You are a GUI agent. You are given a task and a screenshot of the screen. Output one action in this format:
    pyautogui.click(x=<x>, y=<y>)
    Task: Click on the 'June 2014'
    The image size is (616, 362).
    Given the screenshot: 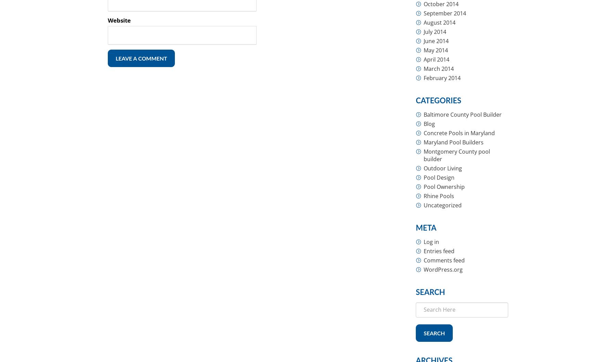 What is the action you would take?
    pyautogui.click(x=436, y=40)
    